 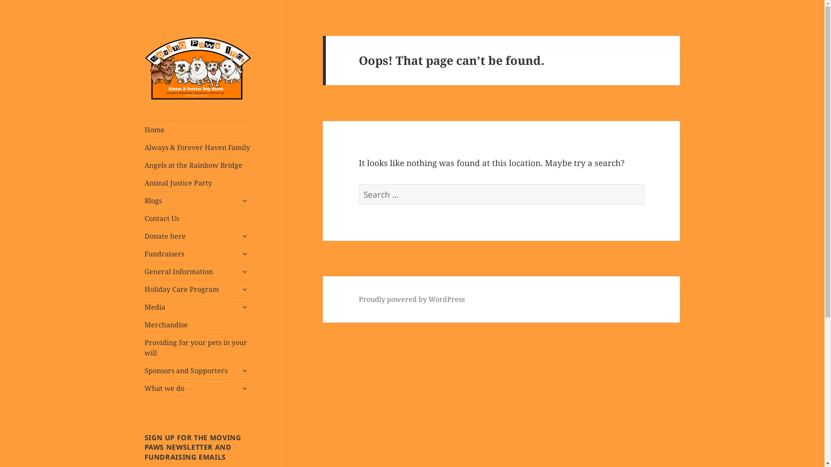 I want to click on 'Animal Justice Party', so click(x=145, y=182).